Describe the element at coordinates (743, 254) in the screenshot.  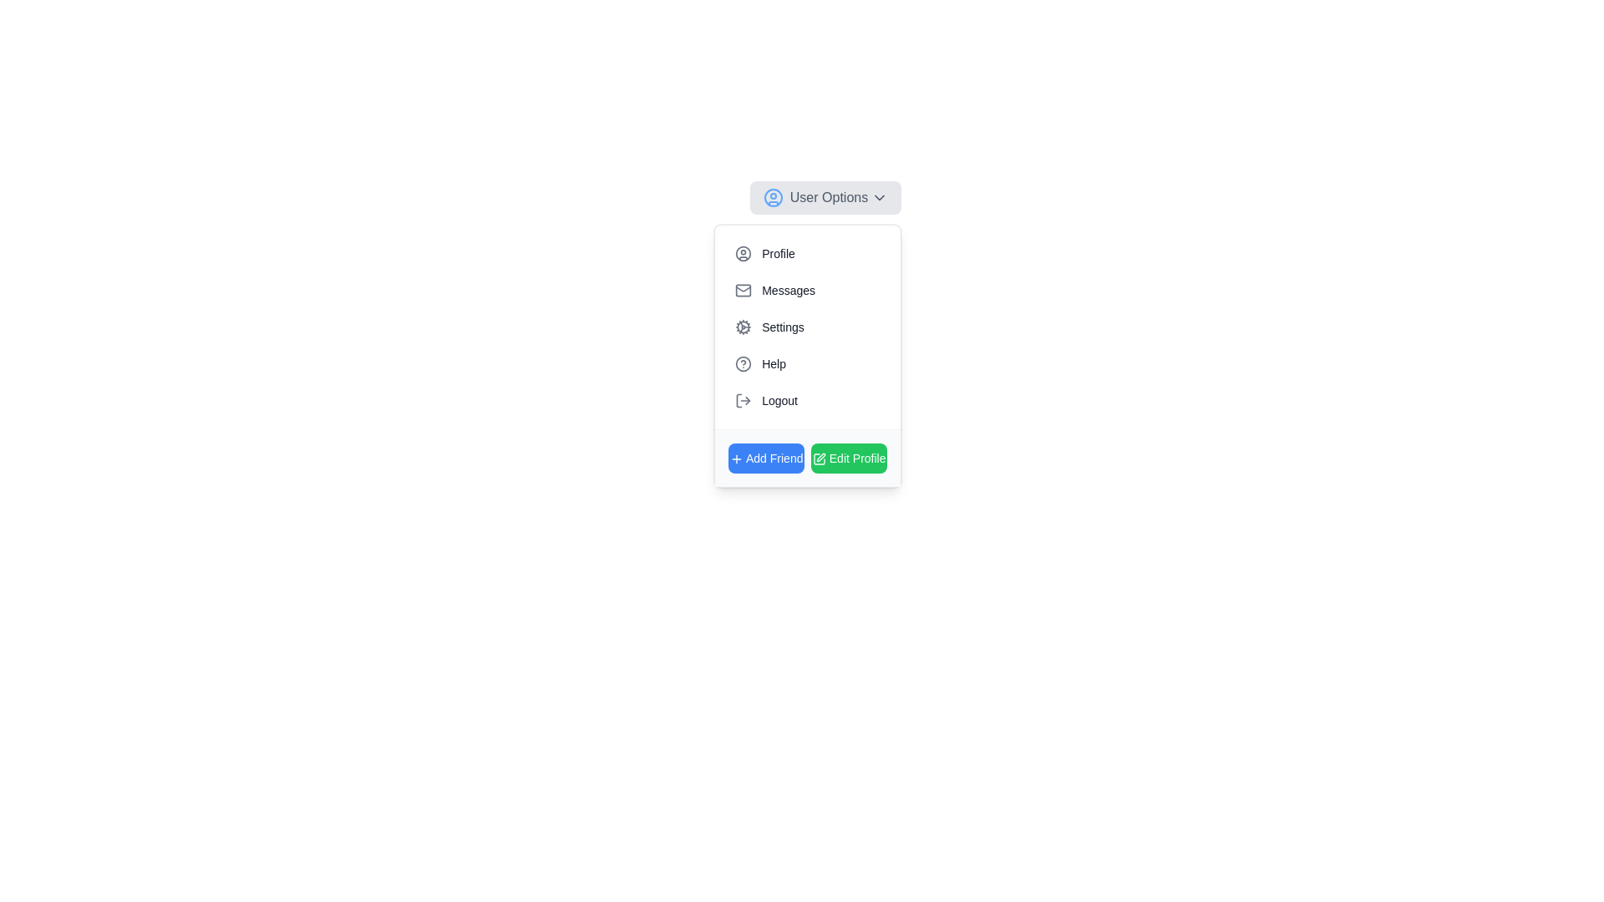
I see `the circle vector graphic element that represents the user's profile picture in the uppermost section of the 'User Options' dropdown menu` at that location.